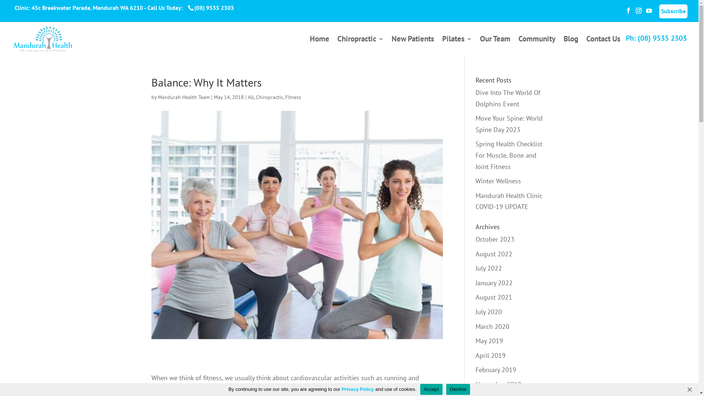 The height and width of the screenshot is (396, 704). What do you see at coordinates (492, 326) in the screenshot?
I see `'March 2020'` at bounding box center [492, 326].